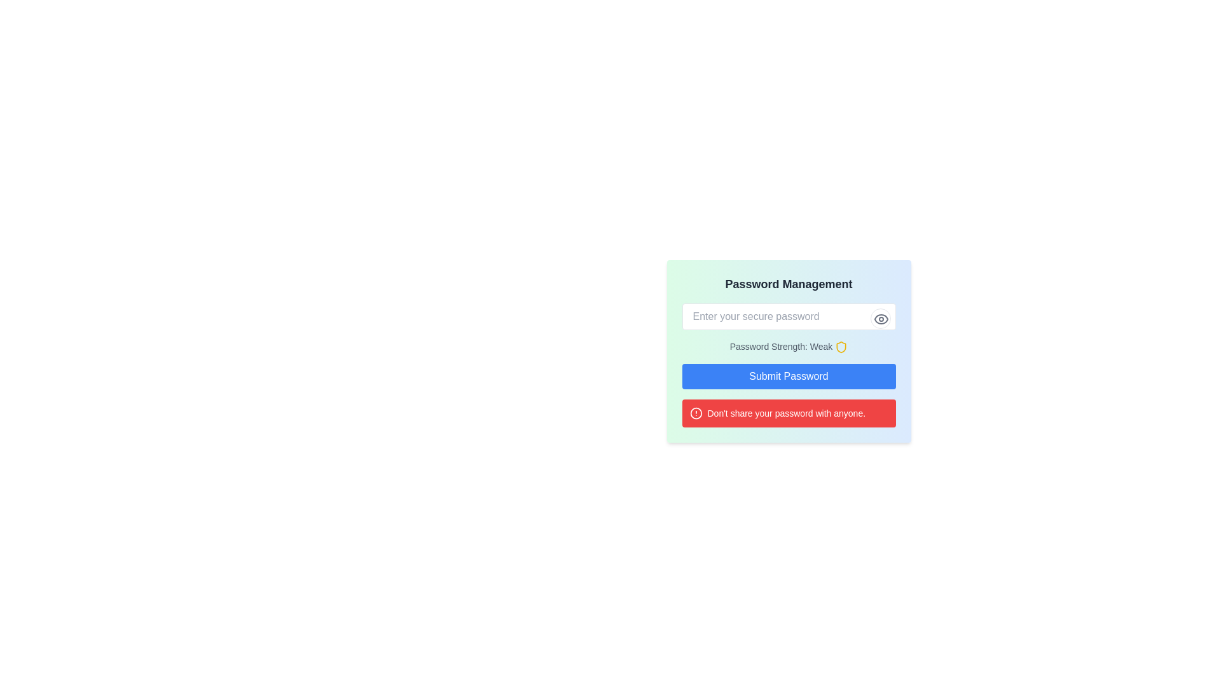 The width and height of the screenshot is (1221, 687). I want to click on the text header reading 'Password Management', which is a bold, large font element colored dark gray and positioned above the password input field, so click(788, 284).